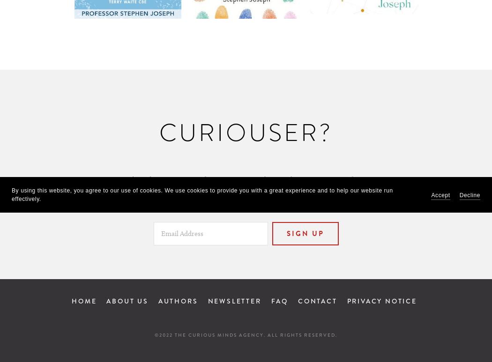 The height and width of the screenshot is (362, 492). I want to click on 'Newsletter', so click(234, 301).